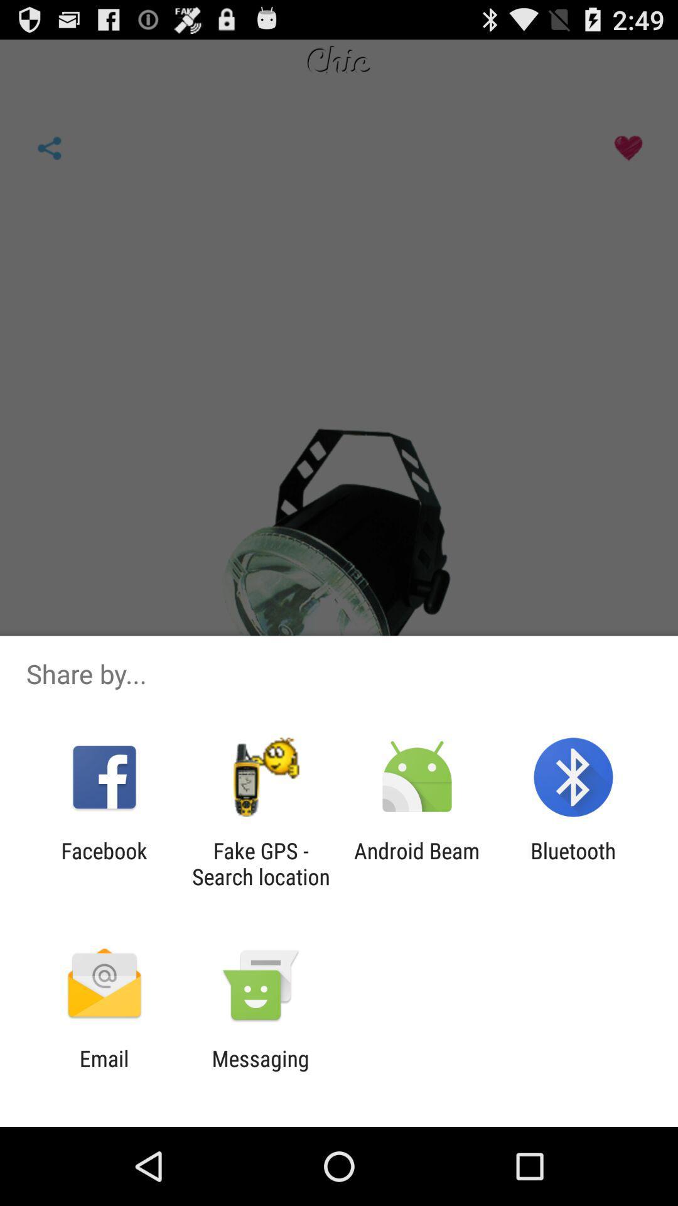 This screenshot has height=1206, width=678. What do you see at coordinates (260, 863) in the screenshot?
I see `icon to the left of the android beam icon` at bounding box center [260, 863].